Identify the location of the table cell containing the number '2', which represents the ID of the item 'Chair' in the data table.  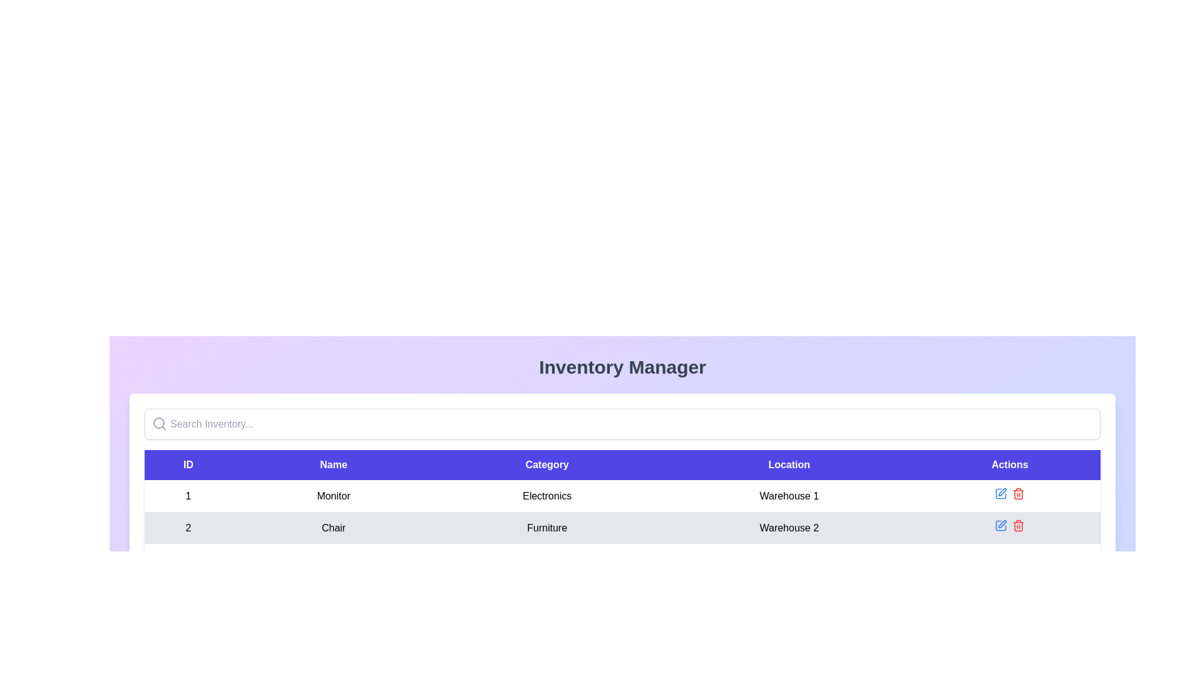
(188, 528).